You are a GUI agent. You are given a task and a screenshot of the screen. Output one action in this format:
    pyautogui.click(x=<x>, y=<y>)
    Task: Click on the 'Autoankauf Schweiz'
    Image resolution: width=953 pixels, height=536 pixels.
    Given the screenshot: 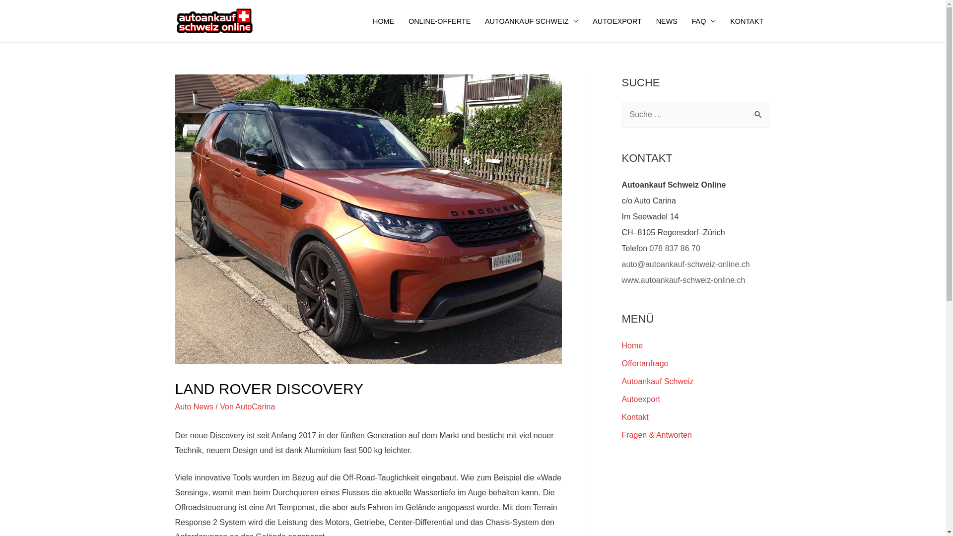 What is the action you would take?
    pyautogui.click(x=621, y=381)
    